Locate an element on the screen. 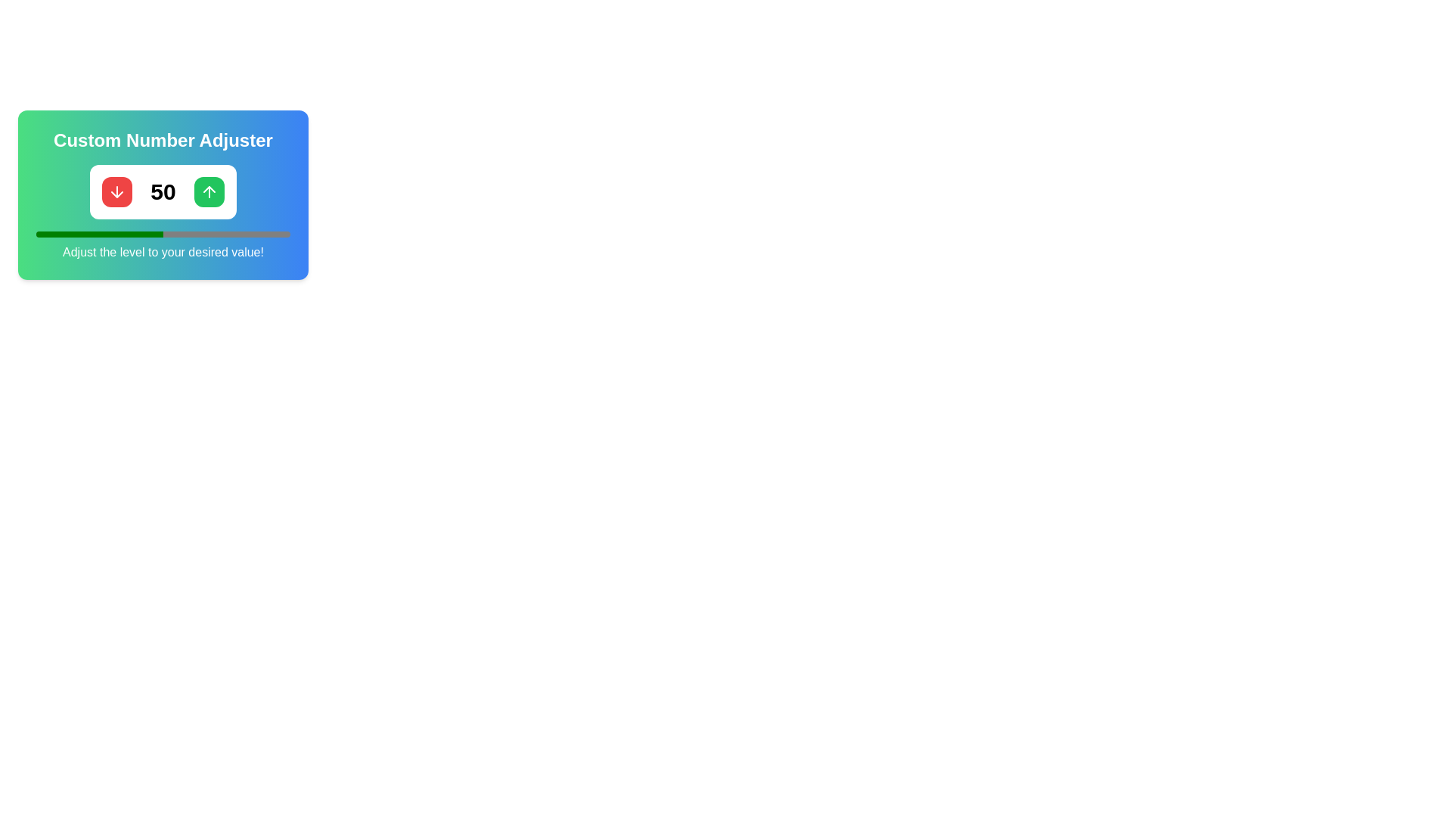  the upward arrow icon with a green background to increment the value is located at coordinates (208, 191).